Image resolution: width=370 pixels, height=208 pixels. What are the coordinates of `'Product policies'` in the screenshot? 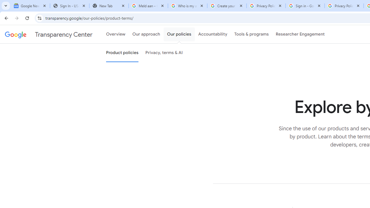 It's located at (122, 53).